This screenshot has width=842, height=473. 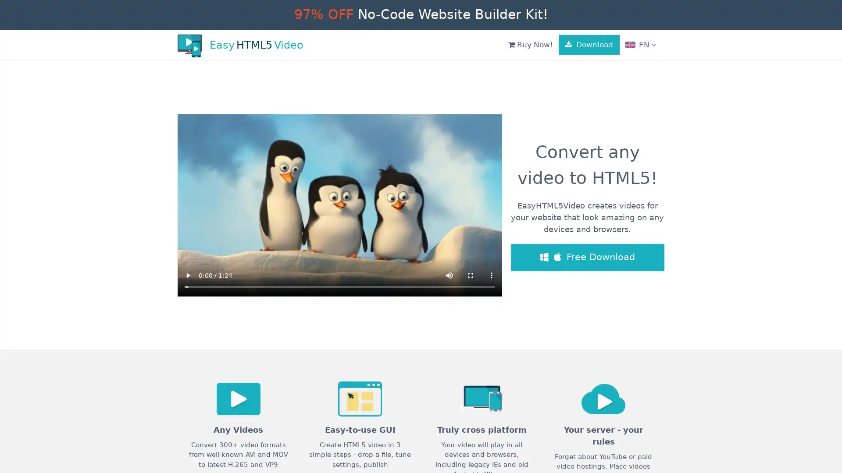 I want to click on play, so click(x=187, y=275).